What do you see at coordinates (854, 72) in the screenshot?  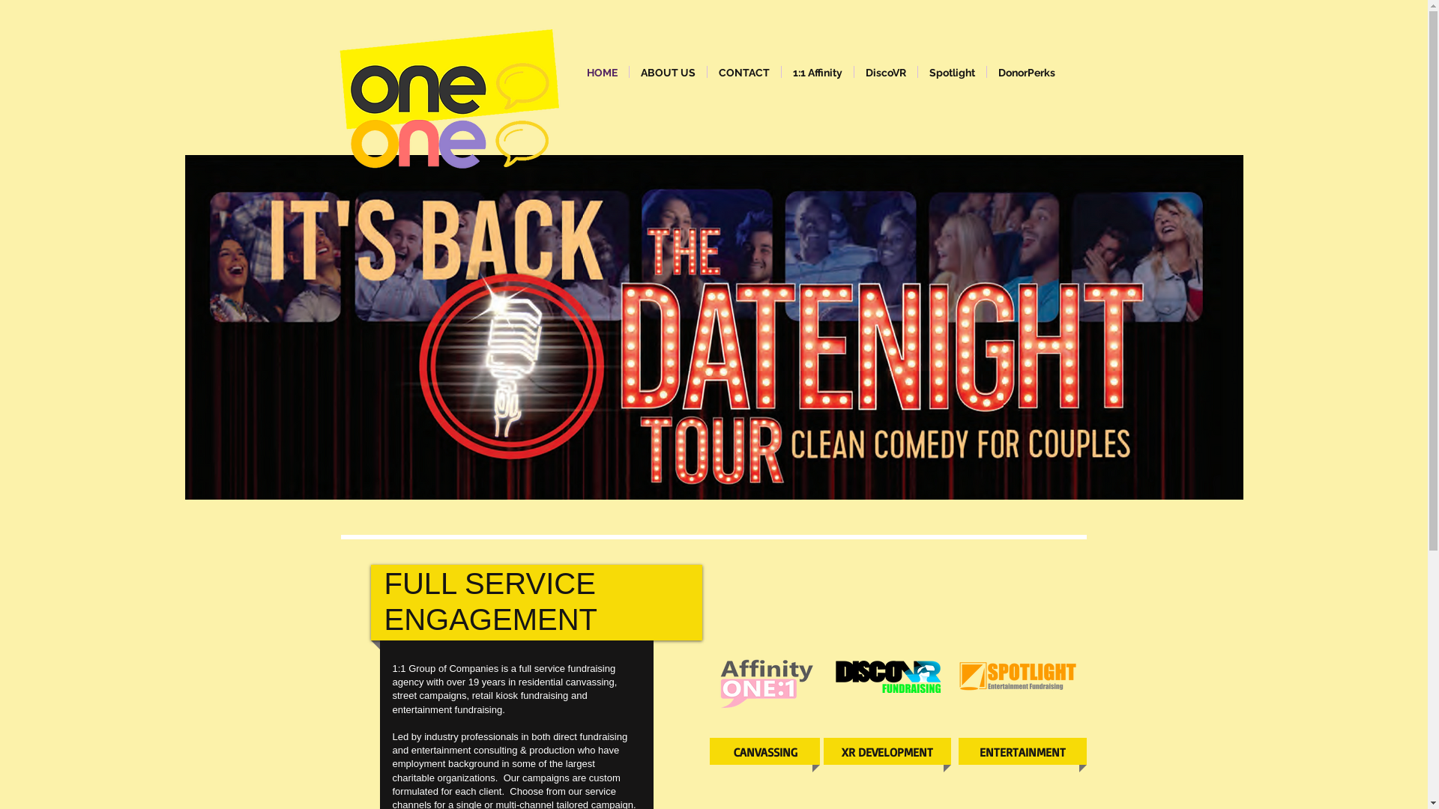 I see `'DiscoVR'` at bounding box center [854, 72].